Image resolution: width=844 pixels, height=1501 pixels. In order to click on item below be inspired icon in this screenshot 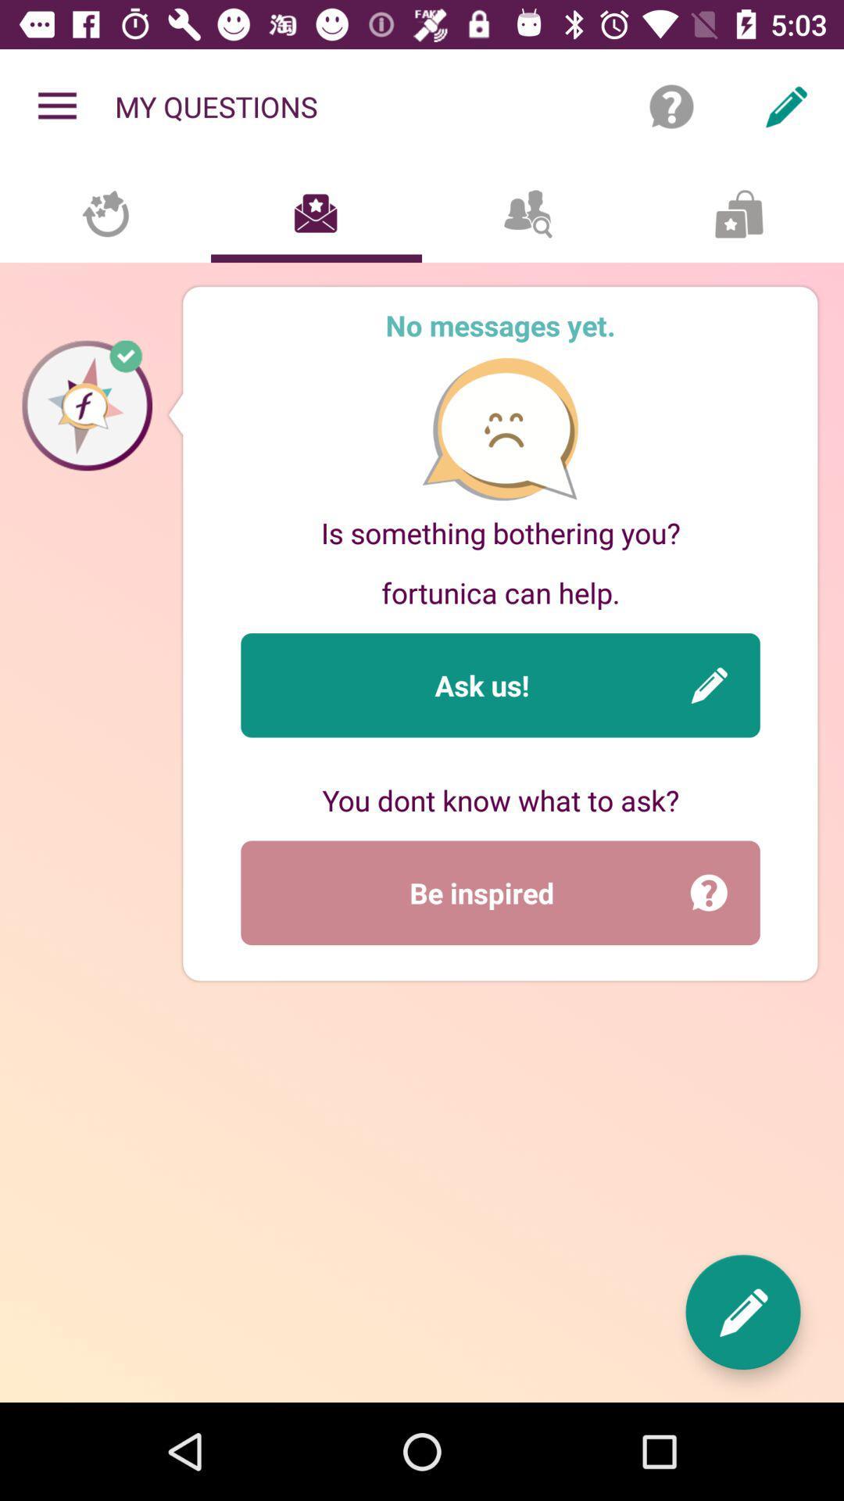, I will do `click(742, 1312)`.